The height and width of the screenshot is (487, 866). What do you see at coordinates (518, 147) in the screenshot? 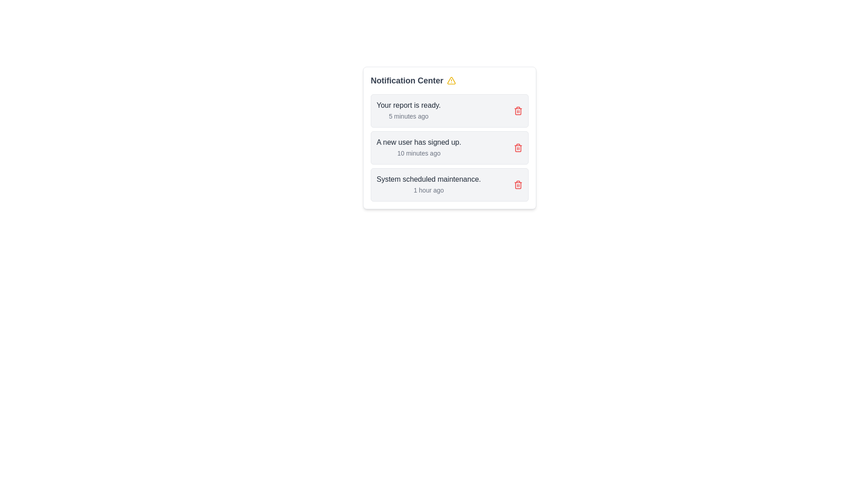
I see `the small red trash can icon` at bounding box center [518, 147].